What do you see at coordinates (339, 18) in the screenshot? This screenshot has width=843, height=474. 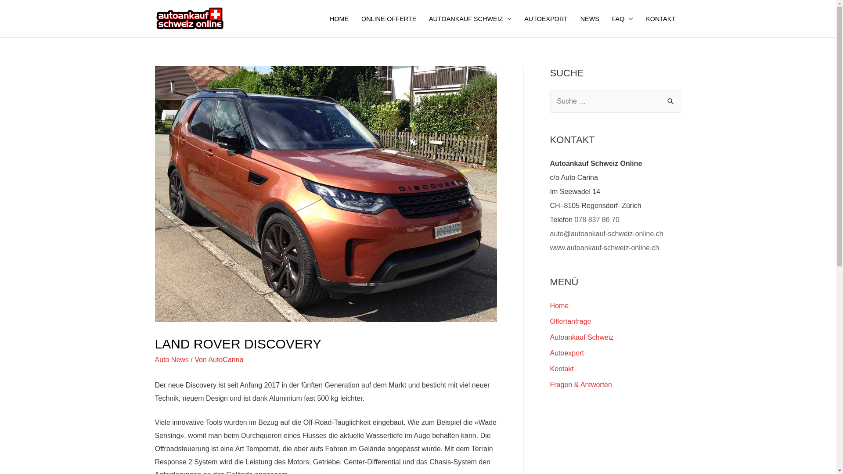 I see `'HOME'` at bounding box center [339, 18].